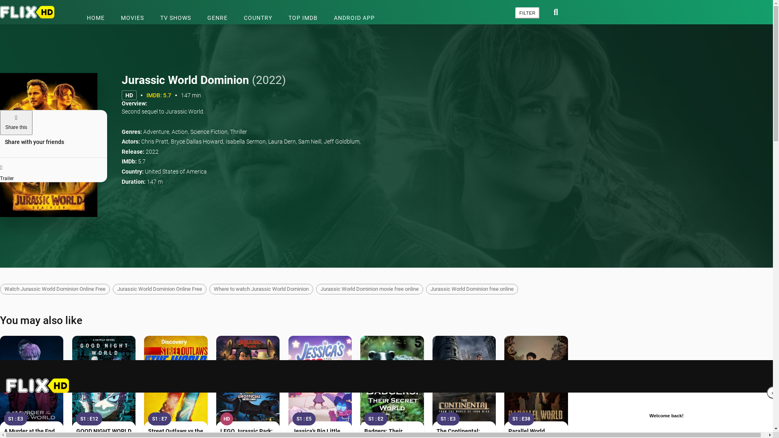 This screenshot has width=779, height=438. What do you see at coordinates (95, 17) in the screenshot?
I see `'HOME'` at bounding box center [95, 17].